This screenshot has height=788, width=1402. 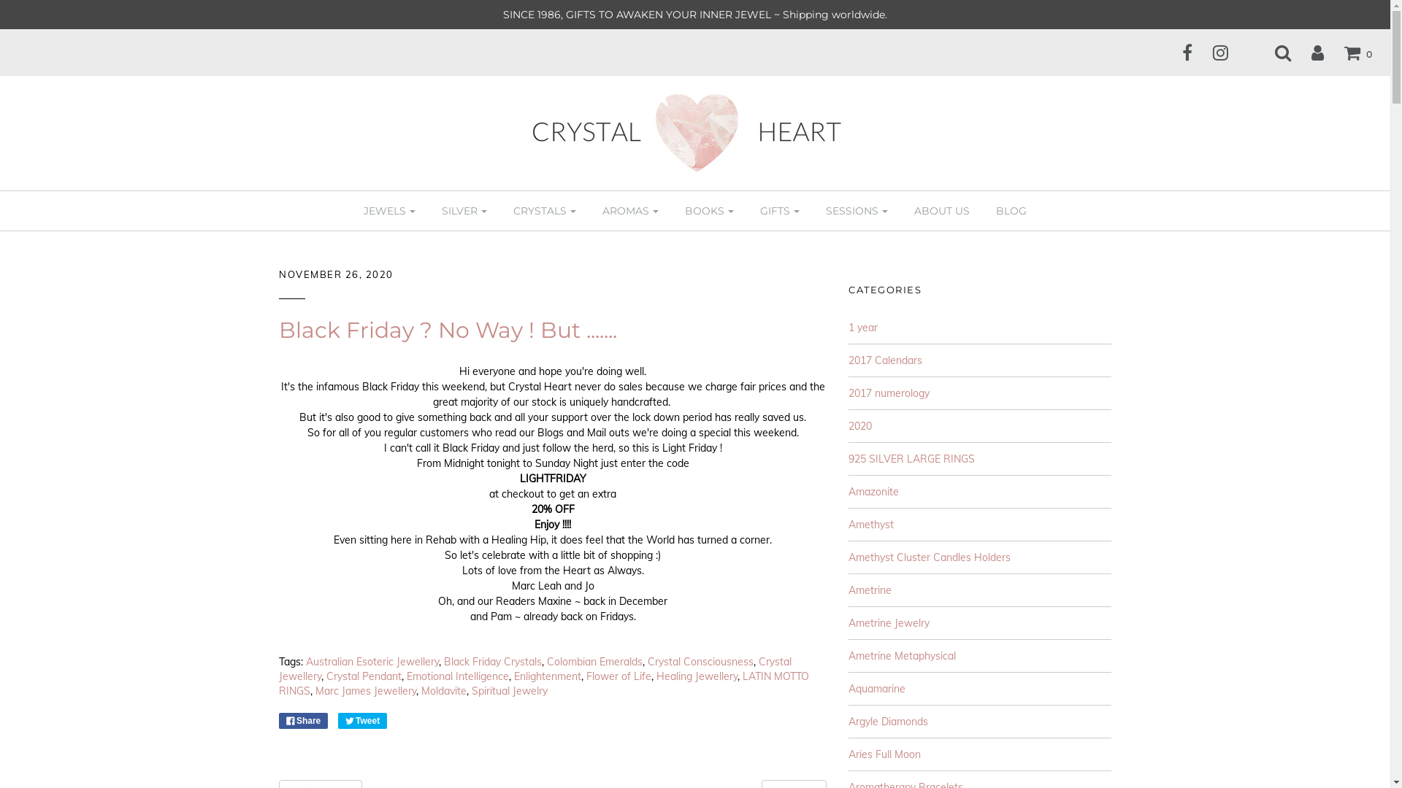 What do you see at coordinates (464, 211) in the screenshot?
I see `'SILVER'` at bounding box center [464, 211].